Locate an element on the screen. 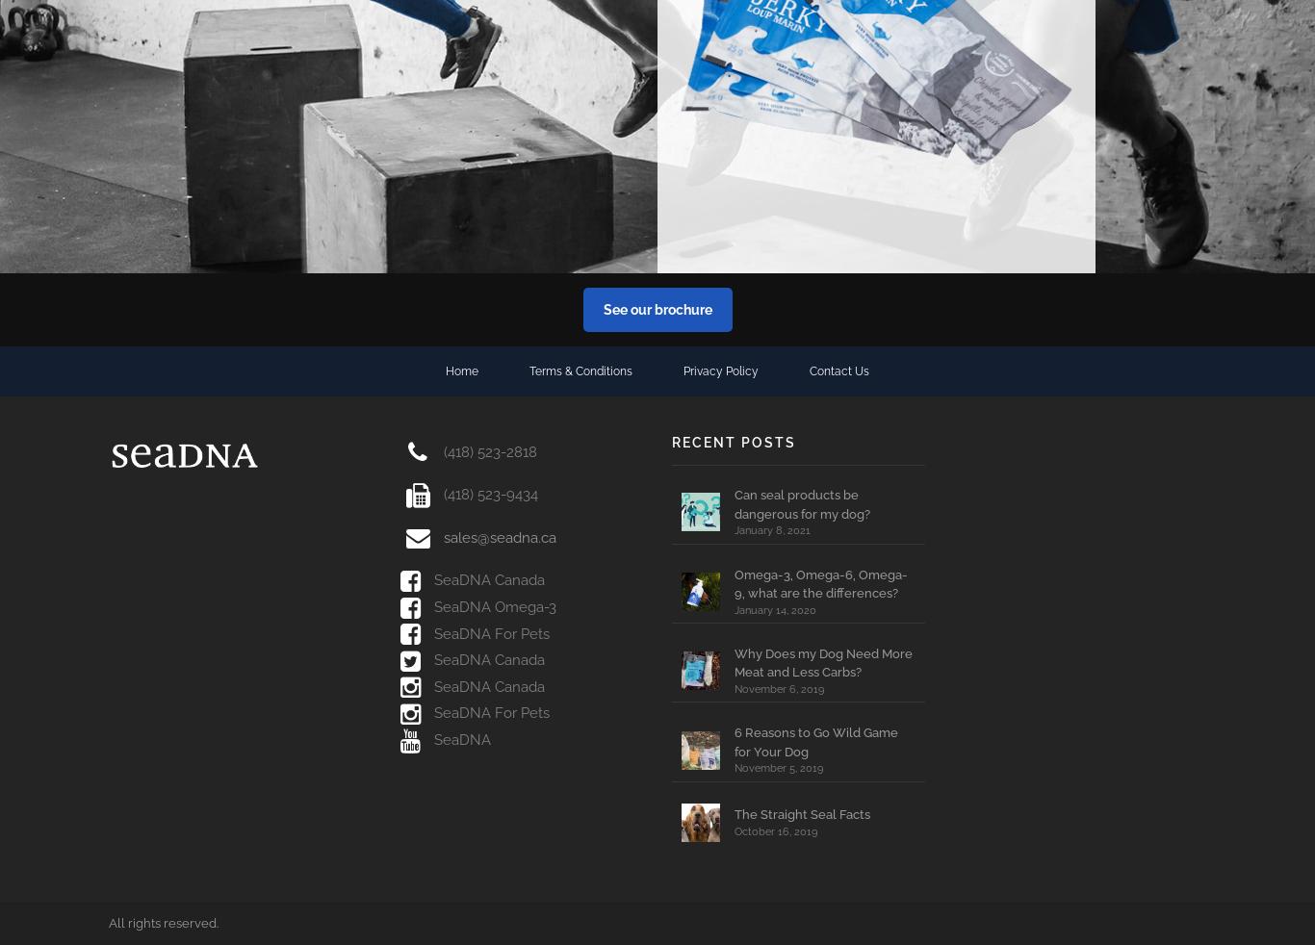  'sales@seadna.ca' is located at coordinates (500, 535).